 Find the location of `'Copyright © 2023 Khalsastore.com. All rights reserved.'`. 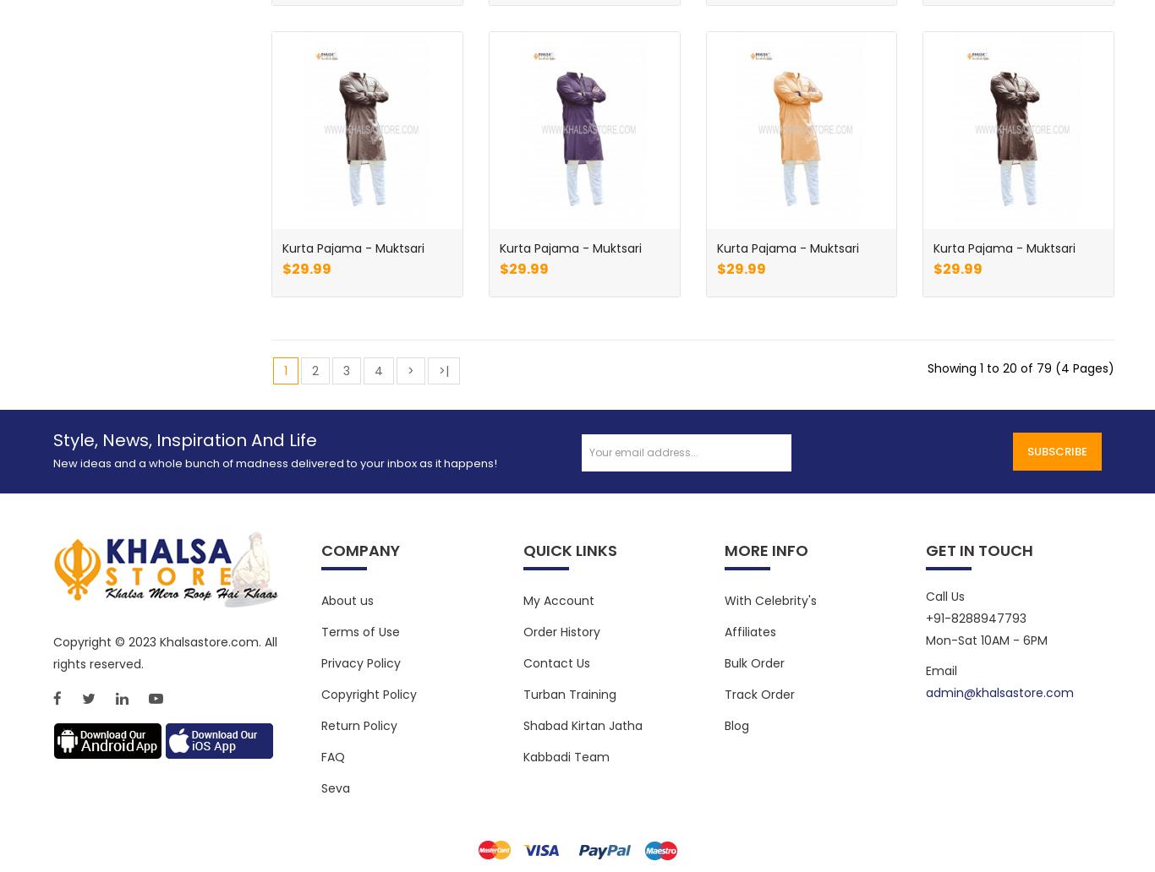

'Copyright © 2023 Khalsastore.com. All rights reserved.' is located at coordinates (163, 651).